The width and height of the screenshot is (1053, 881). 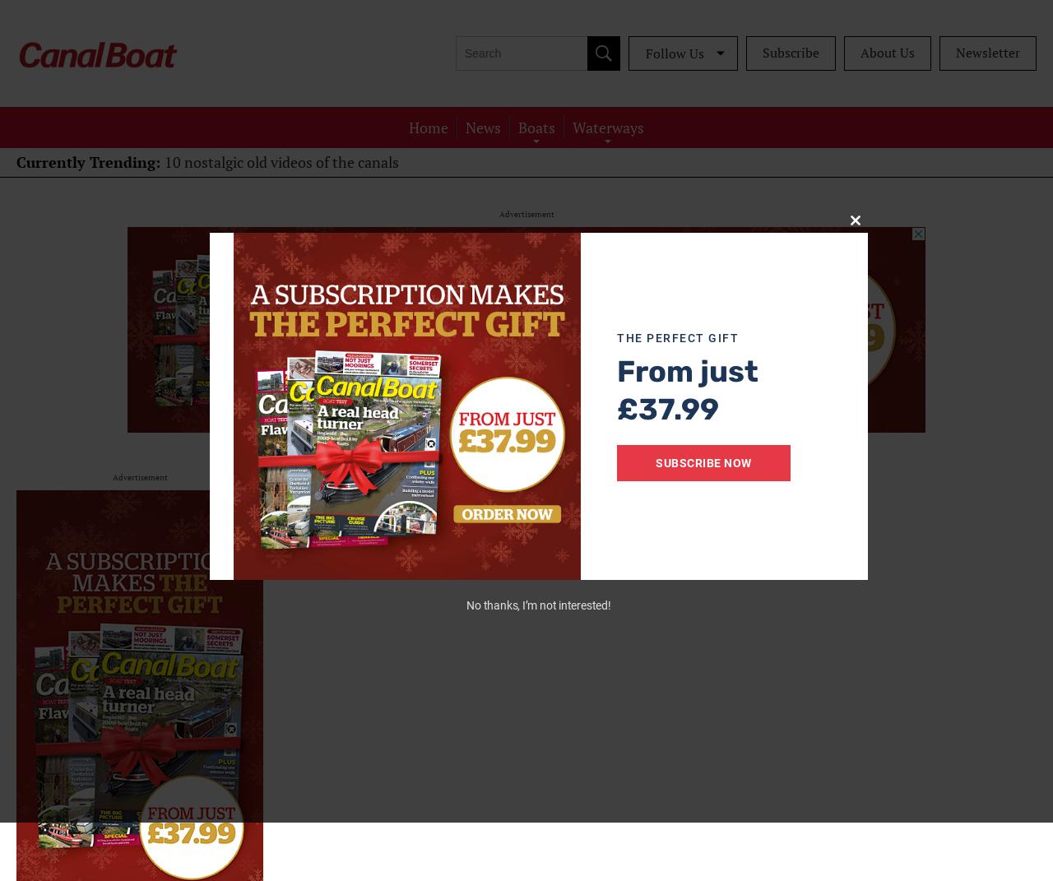 What do you see at coordinates (517, 126) in the screenshot?
I see `'Boats'` at bounding box center [517, 126].